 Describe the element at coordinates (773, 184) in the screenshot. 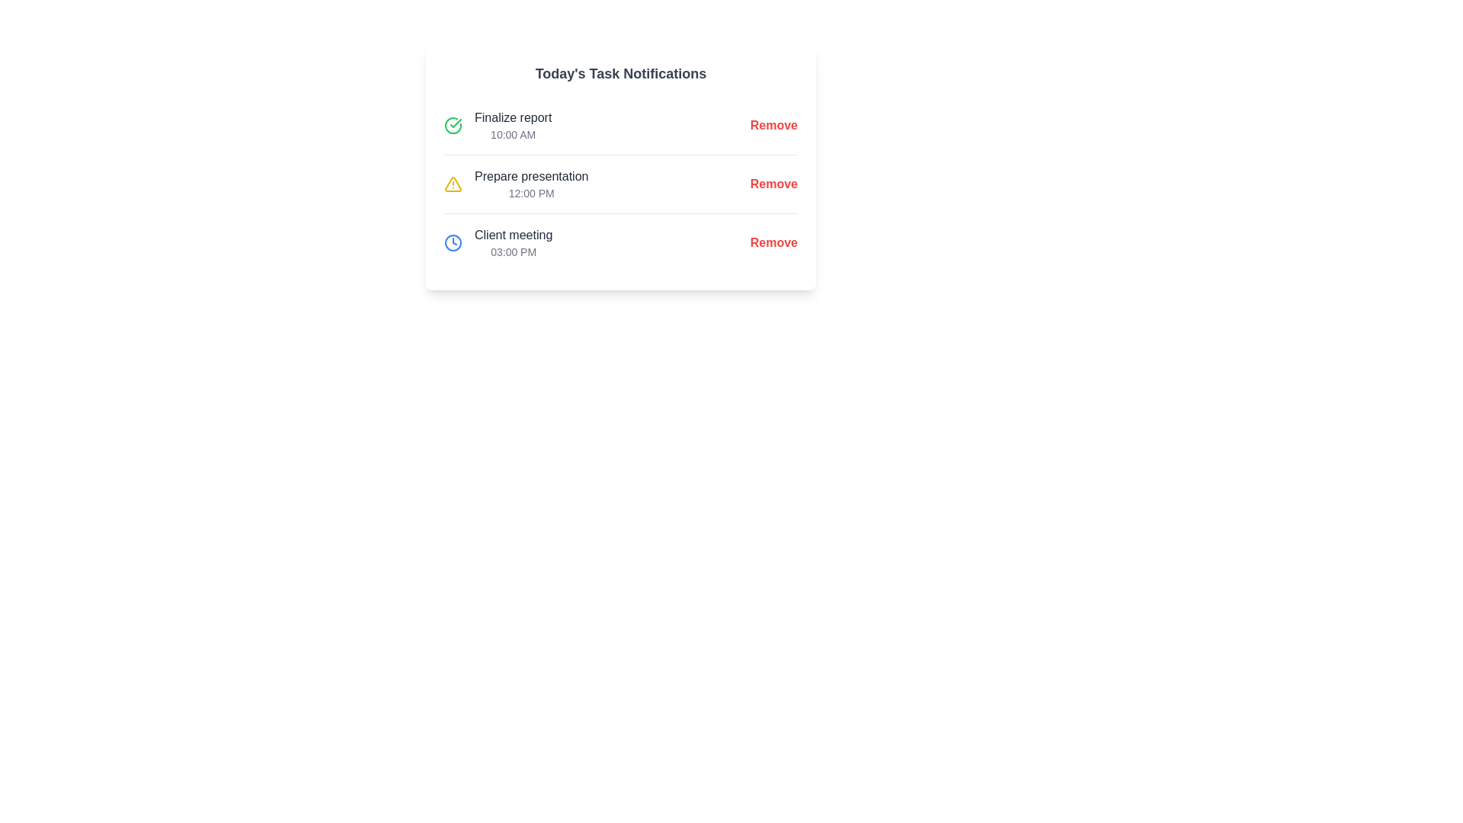

I see `the 'Remove' button styled in bold red font, located at the right end of the task notification row for 'Prepare presentation 12:00 PM'` at that location.